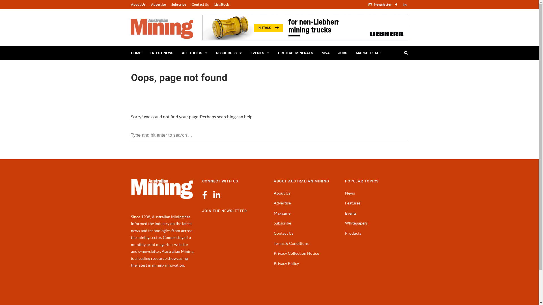 Image resolution: width=543 pixels, height=305 pixels. I want to click on 'Newsletter', so click(380, 4).